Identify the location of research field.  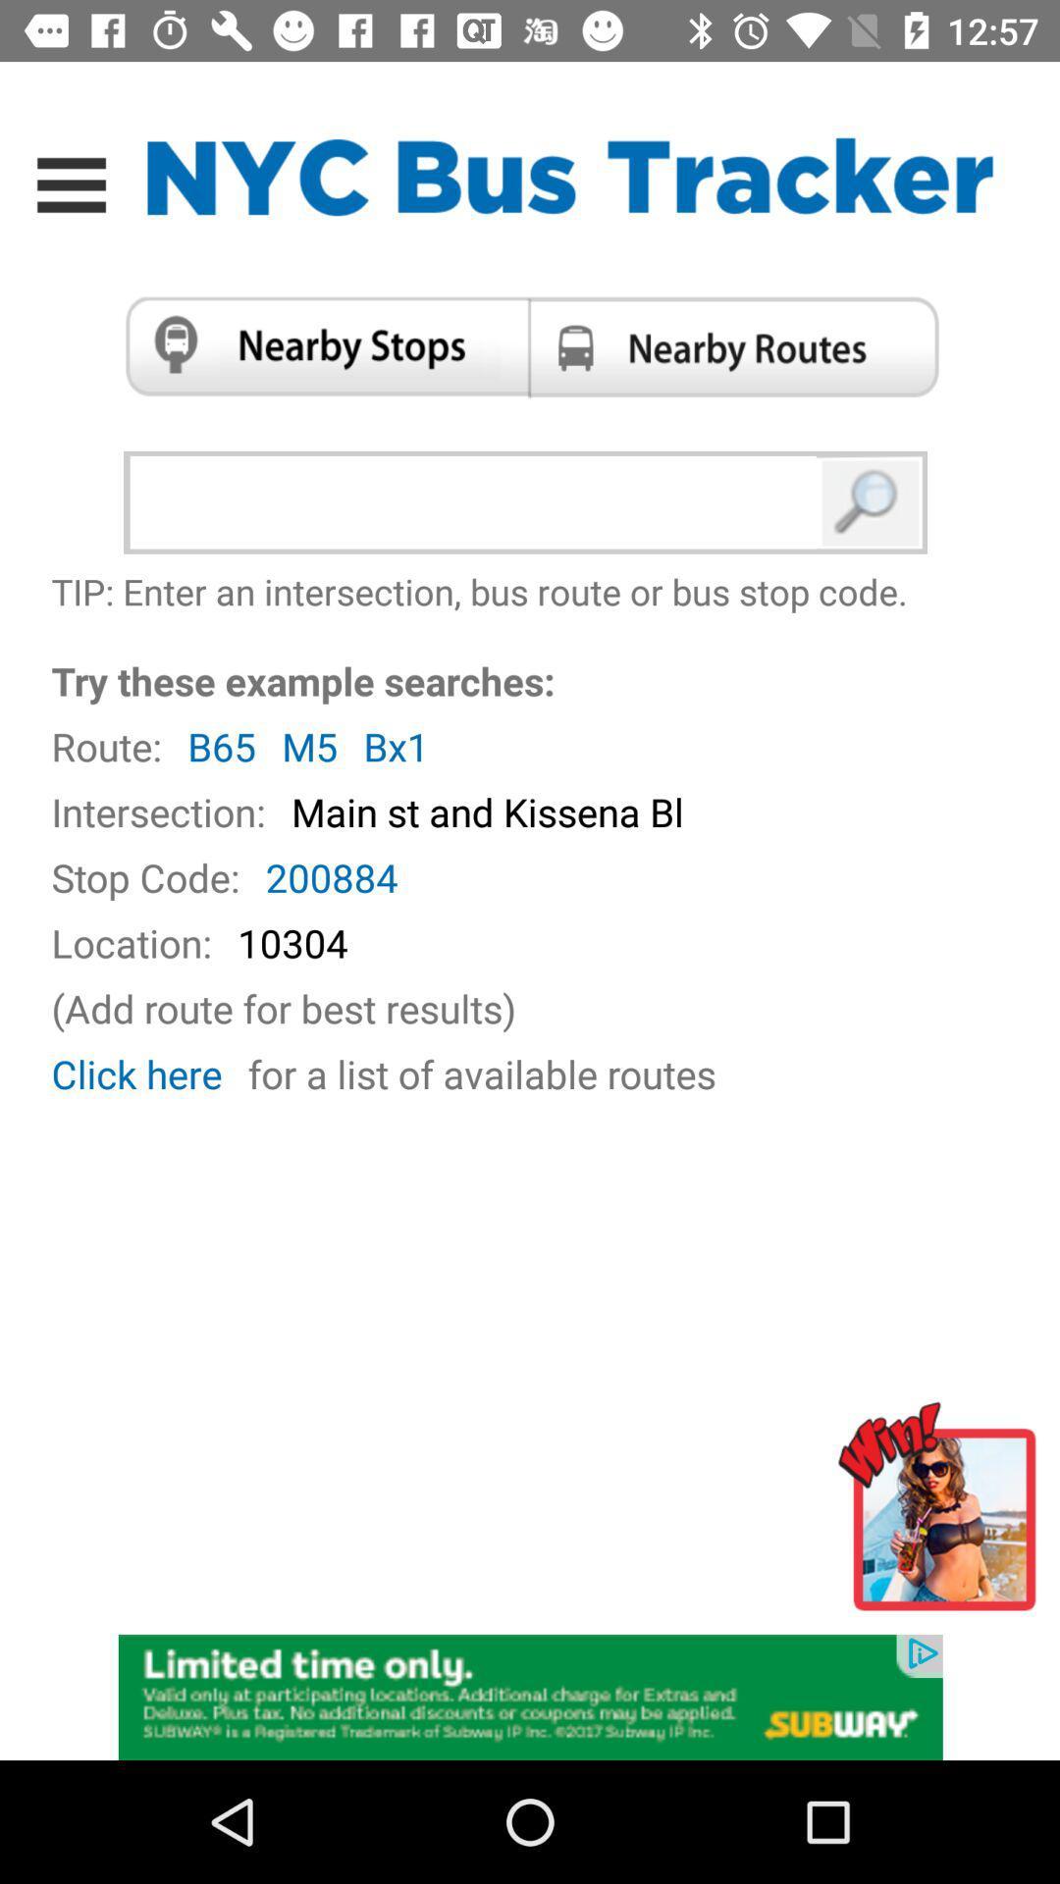
(478, 502).